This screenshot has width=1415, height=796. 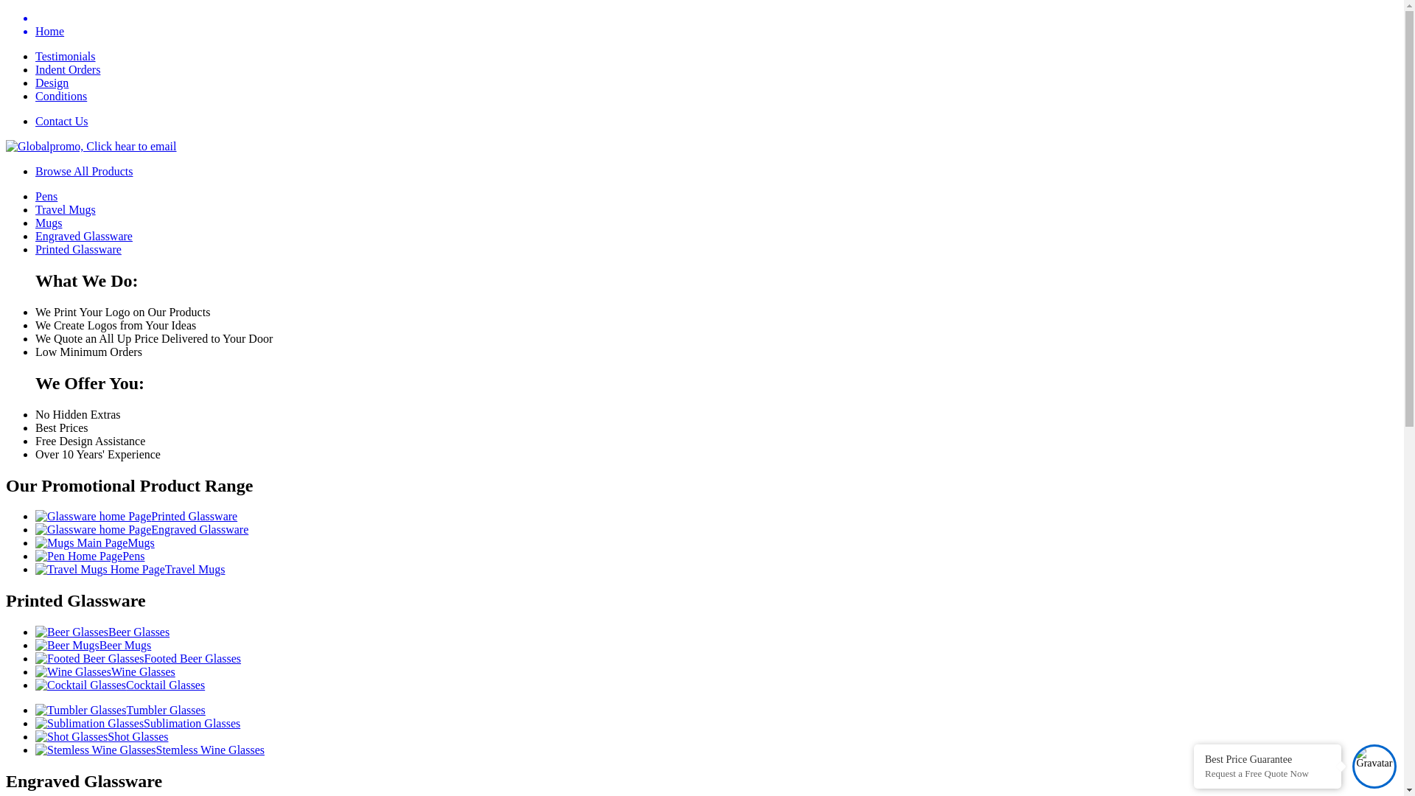 I want to click on 'Travel Mugs', so click(x=65, y=209).